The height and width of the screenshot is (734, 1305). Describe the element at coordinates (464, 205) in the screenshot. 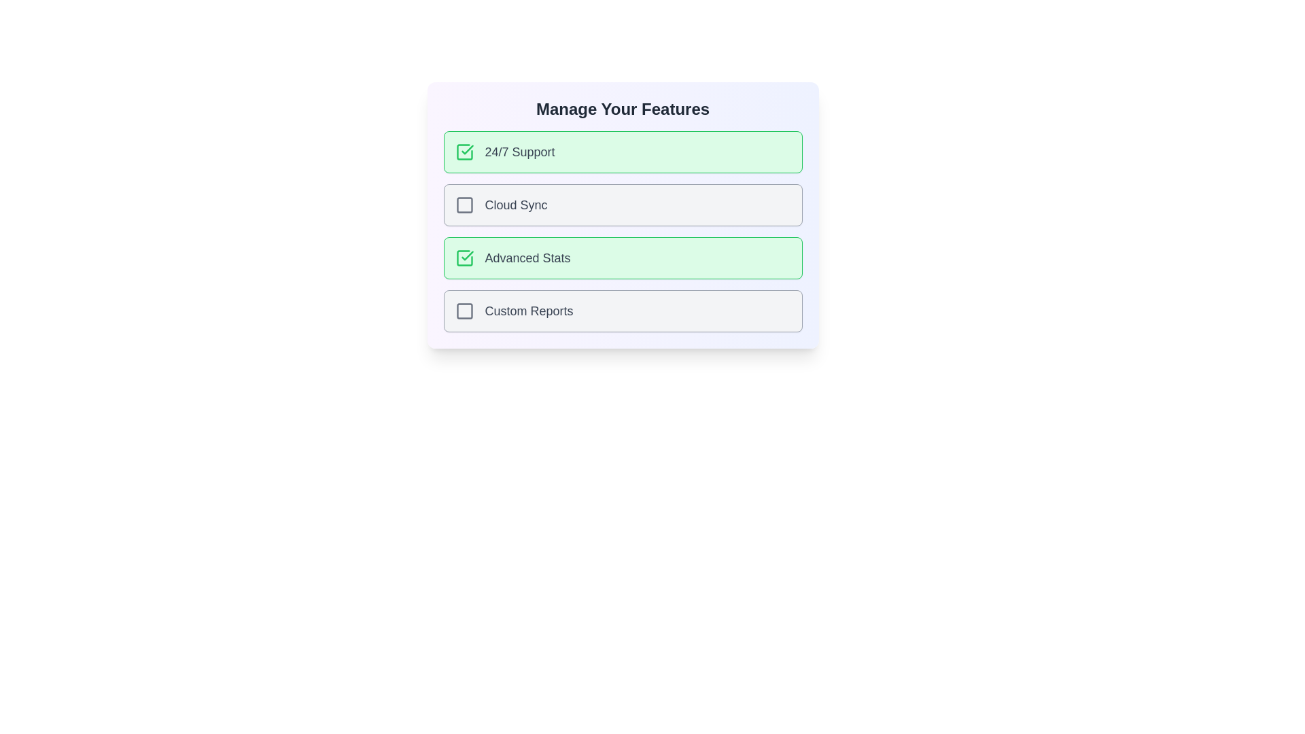

I see `the checkbox associated with the 'Cloud Sync' feature, located on the left side of the row adjacent` at that location.